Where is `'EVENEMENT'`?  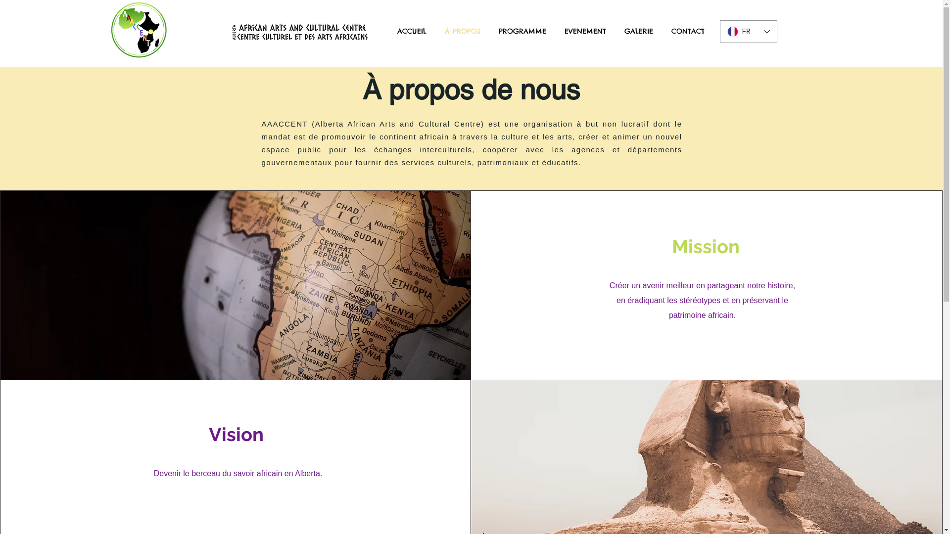
'EVENEMENT' is located at coordinates (585, 31).